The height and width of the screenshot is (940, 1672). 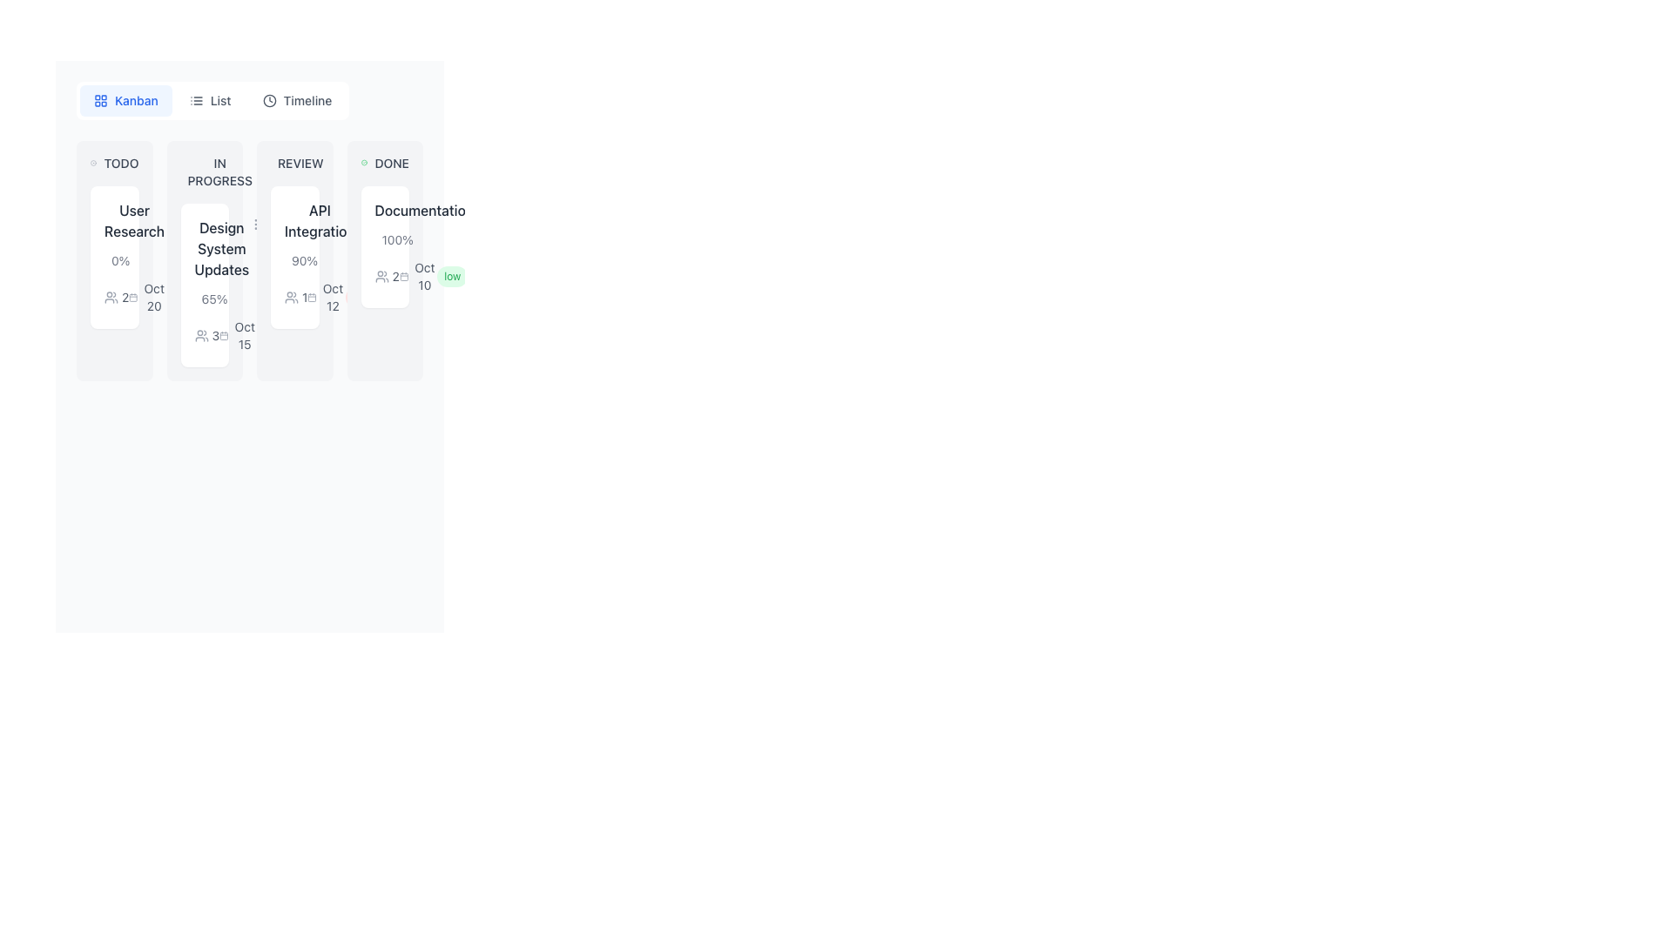 I want to click on the circular graphic element within the SVG component that is part of the clock icon, located in the 'IN PROGRESS' column of the Kanban board, near the top of the 'VIEW' card, so click(x=280, y=167).